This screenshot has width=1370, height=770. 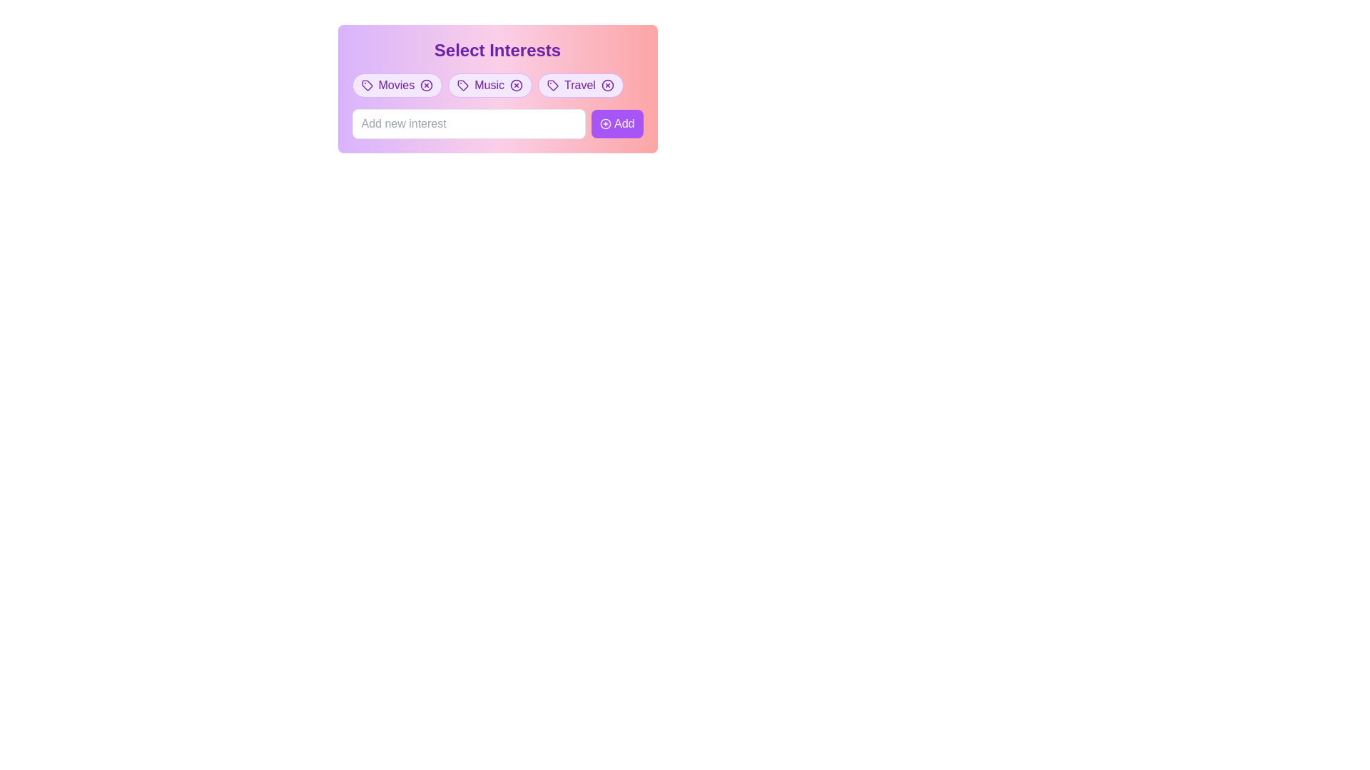 What do you see at coordinates (463, 85) in the screenshot?
I see `the inline decorative icon within the pill-shaped tag labeled 'Music', which is part of a horizontal list of tags under the heading 'Select Interests'` at bounding box center [463, 85].